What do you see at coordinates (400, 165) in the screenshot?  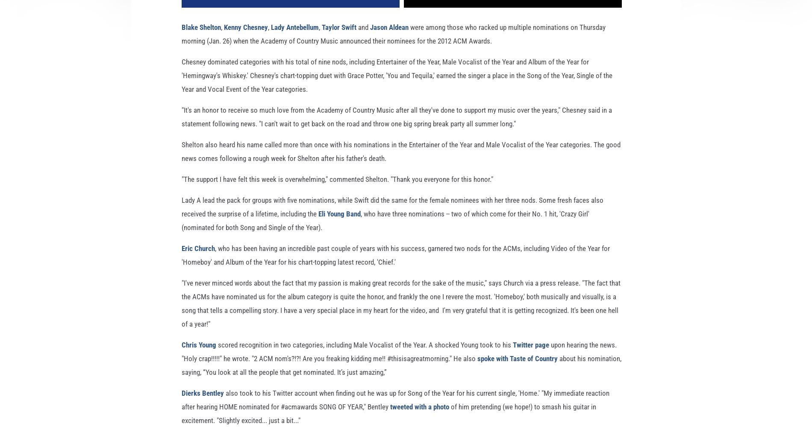 I see `'Shelton also heard his name called more than once with his nominations in the Entertainer of the Year and Male Vocalist of the Year categories. The good news comes following a rough week for Shelton after his father's death.'` at bounding box center [400, 165].